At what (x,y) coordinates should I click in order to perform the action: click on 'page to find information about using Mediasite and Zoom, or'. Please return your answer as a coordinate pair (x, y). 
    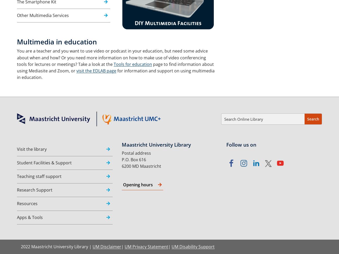
    Looking at the image, I should click on (115, 67).